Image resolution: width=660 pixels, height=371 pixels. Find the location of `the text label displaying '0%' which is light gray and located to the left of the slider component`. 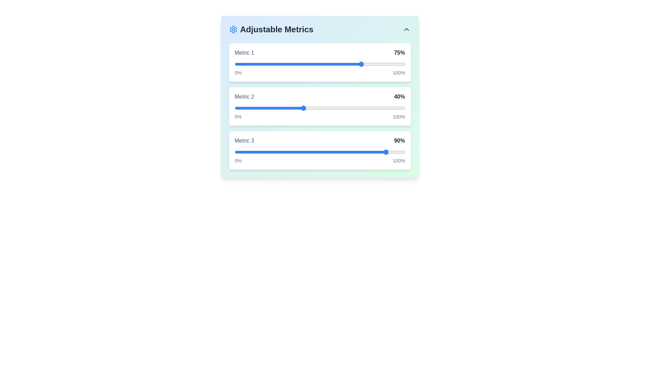

the text label displaying '0%' which is light gray and located to the left of the slider component is located at coordinates (238, 160).